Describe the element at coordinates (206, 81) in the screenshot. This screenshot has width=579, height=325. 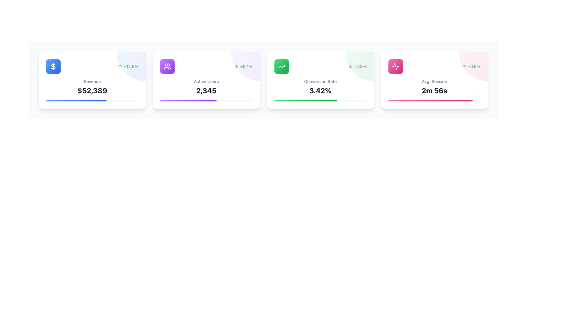
I see `'Active Users' label displayed in gray font above the number '2,345' within the second card of a horizontally aligned group of four on the dashboard` at that location.